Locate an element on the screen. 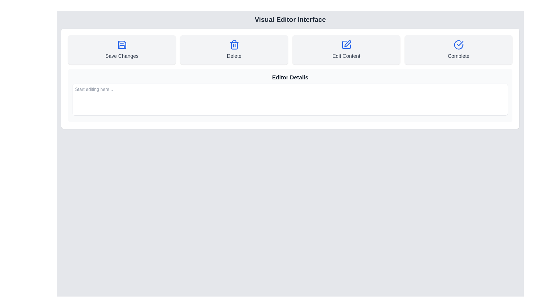 Image resolution: width=540 pixels, height=303 pixels. the icon button located at the top-center of the 'Edit Content' card is located at coordinates (346, 44).